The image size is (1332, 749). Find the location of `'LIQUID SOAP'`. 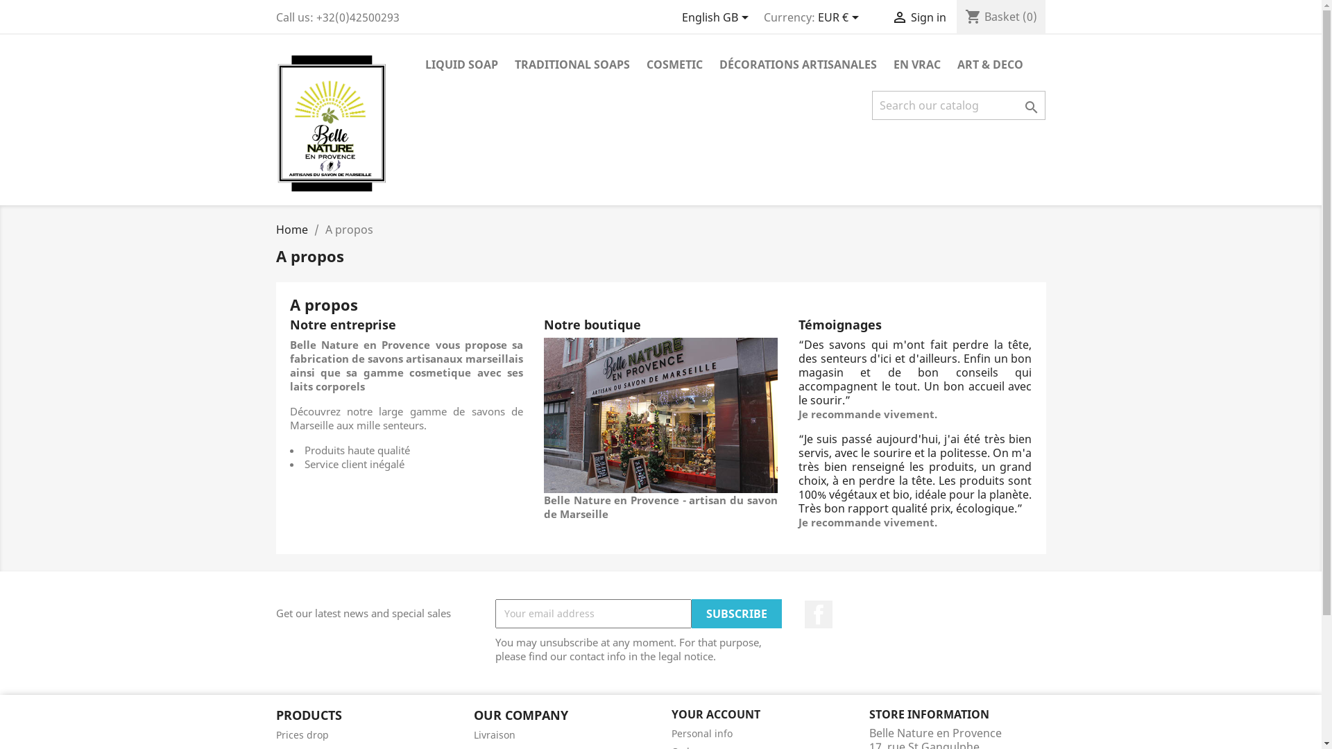

'LIQUID SOAP' is located at coordinates (461, 65).